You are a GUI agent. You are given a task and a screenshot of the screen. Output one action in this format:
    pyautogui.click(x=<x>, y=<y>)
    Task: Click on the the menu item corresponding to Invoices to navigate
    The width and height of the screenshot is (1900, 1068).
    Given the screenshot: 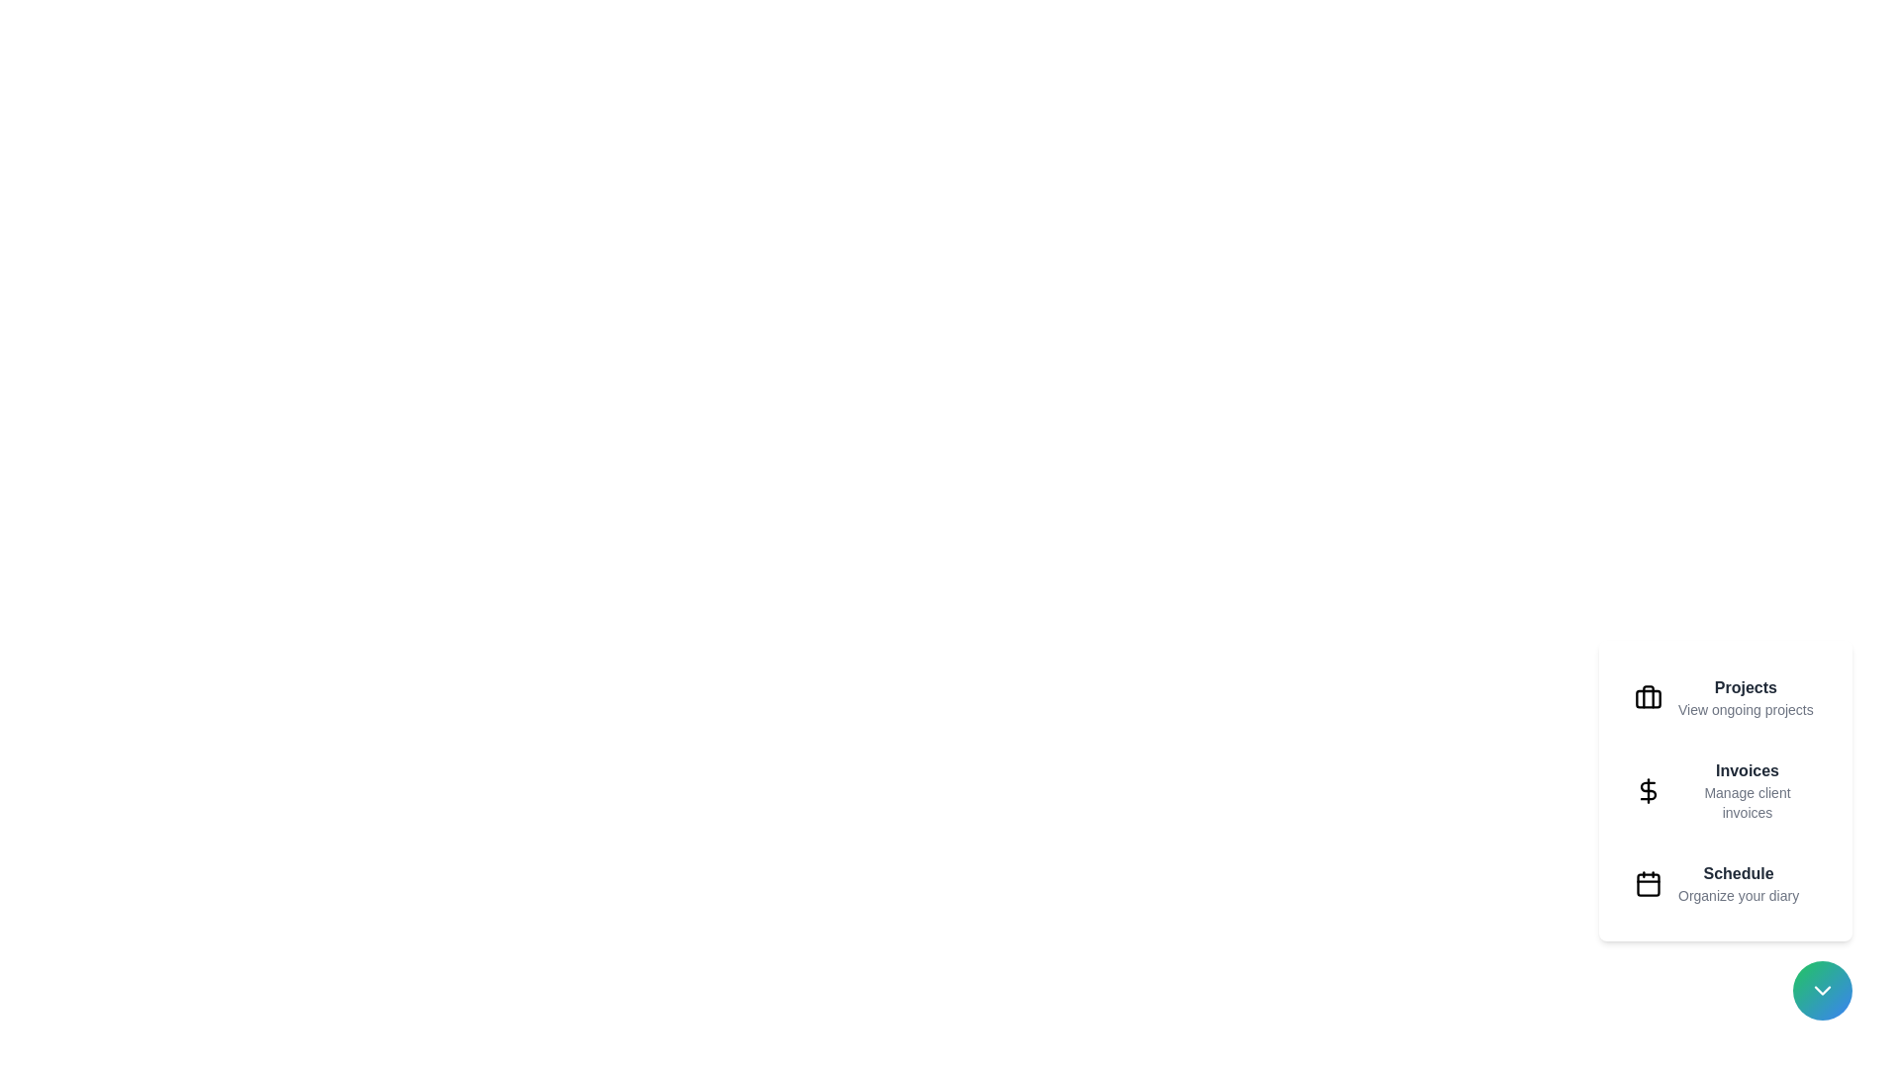 What is the action you would take?
    pyautogui.click(x=1724, y=789)
    